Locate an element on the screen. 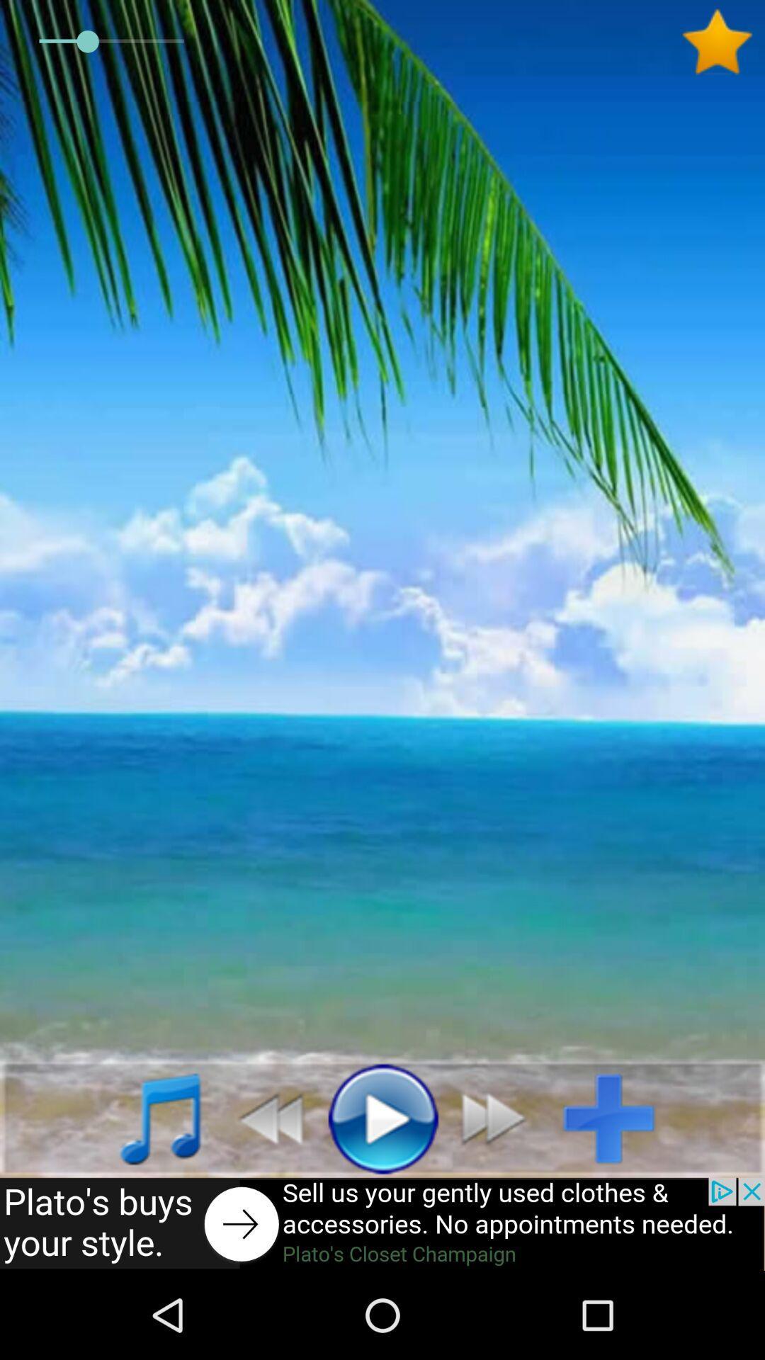 The image size is (765, 1360). click the music option to hear songs is located at coordinates (144, 1117).